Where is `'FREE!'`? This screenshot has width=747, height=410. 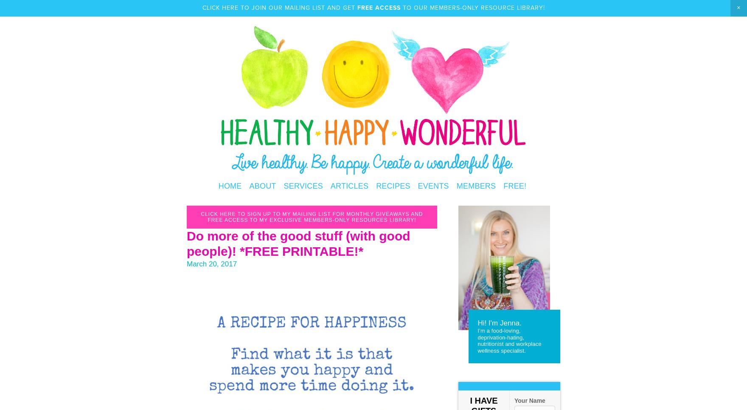 'FREE!' is located at coordinates (514, 186).